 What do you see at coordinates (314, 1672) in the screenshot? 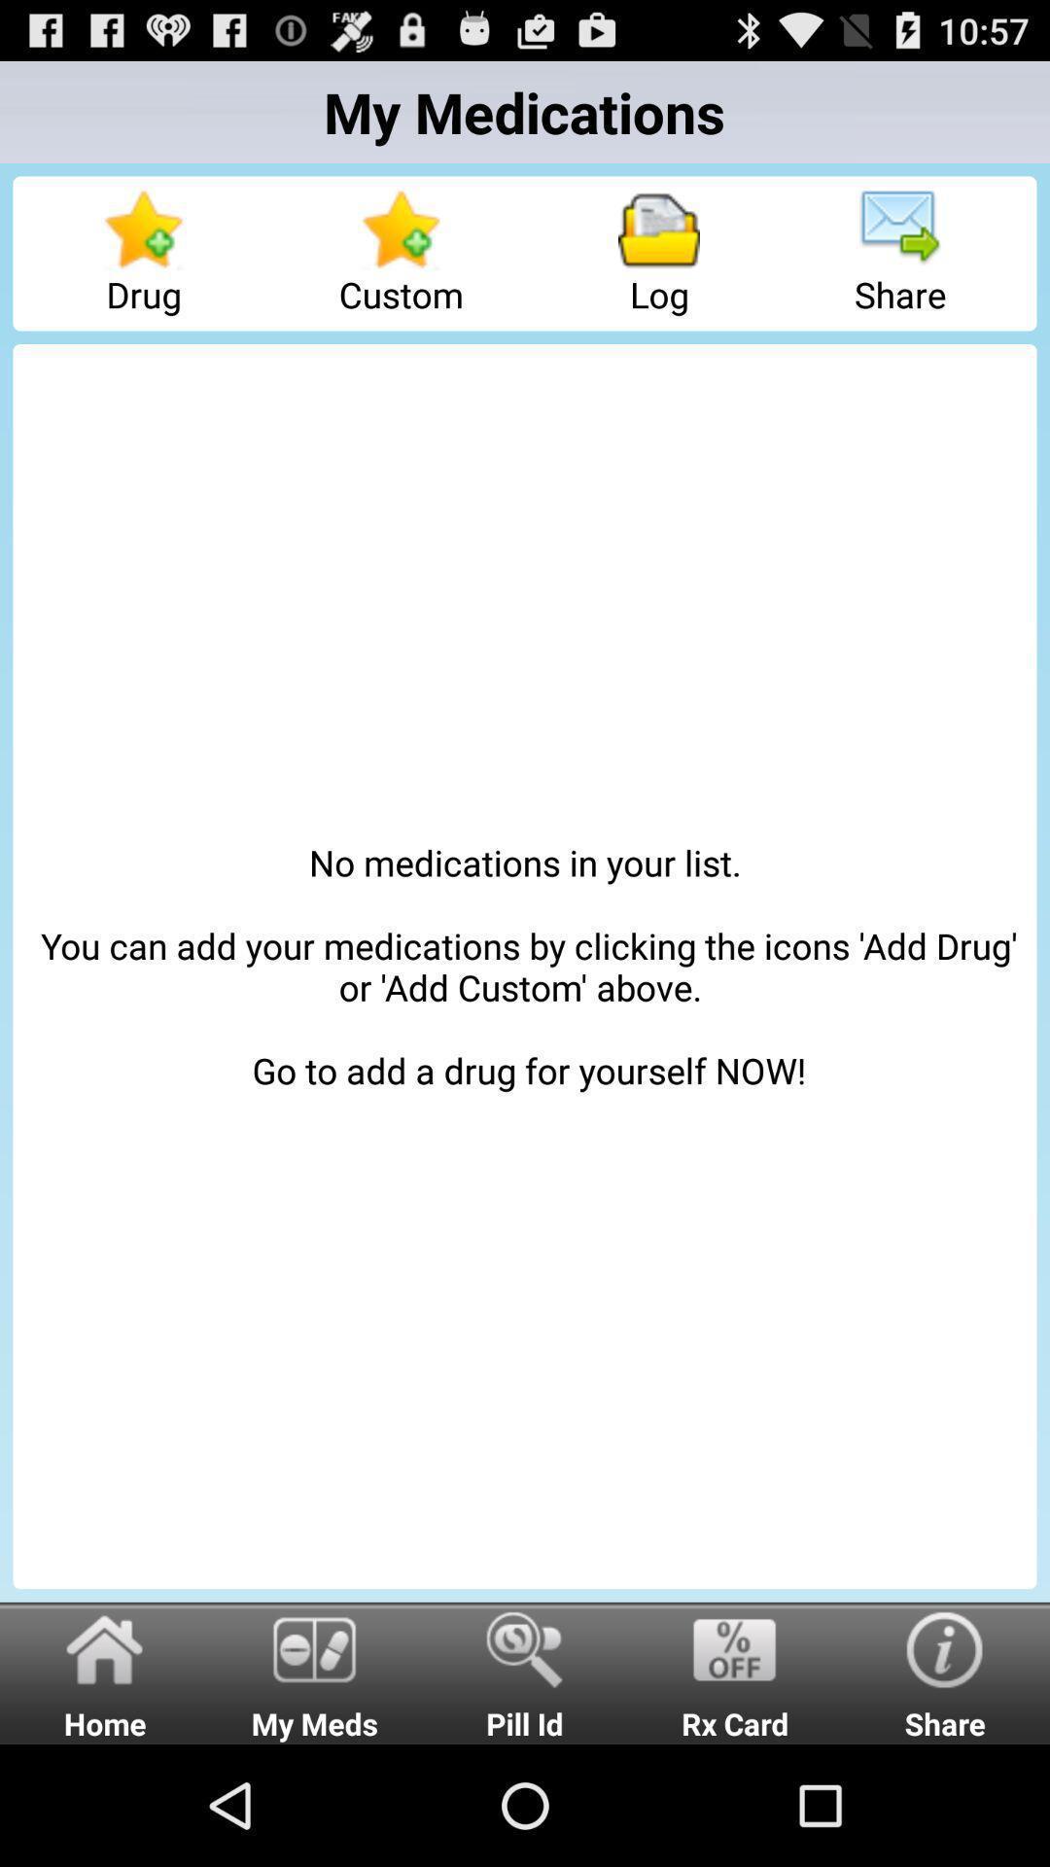
I see `my meds item` at bounding box center [314, 1672].